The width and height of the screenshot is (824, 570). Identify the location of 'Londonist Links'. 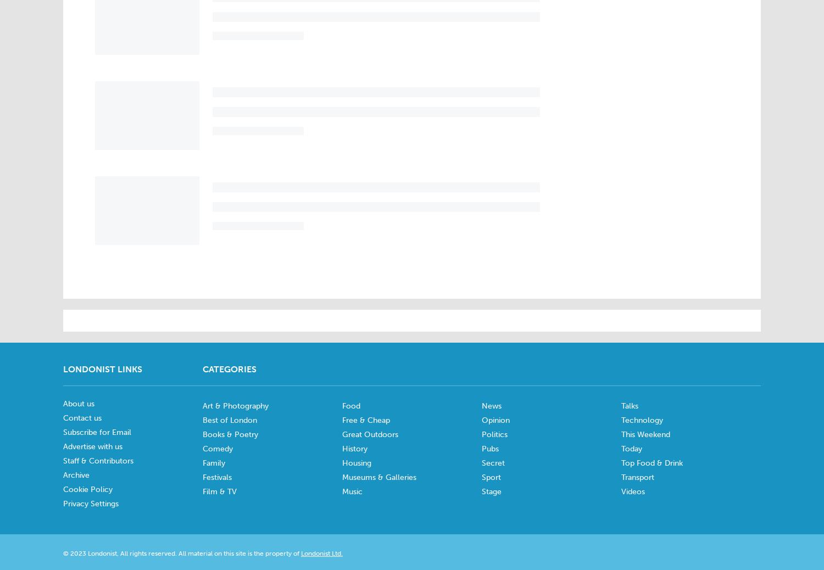
(63, 368).